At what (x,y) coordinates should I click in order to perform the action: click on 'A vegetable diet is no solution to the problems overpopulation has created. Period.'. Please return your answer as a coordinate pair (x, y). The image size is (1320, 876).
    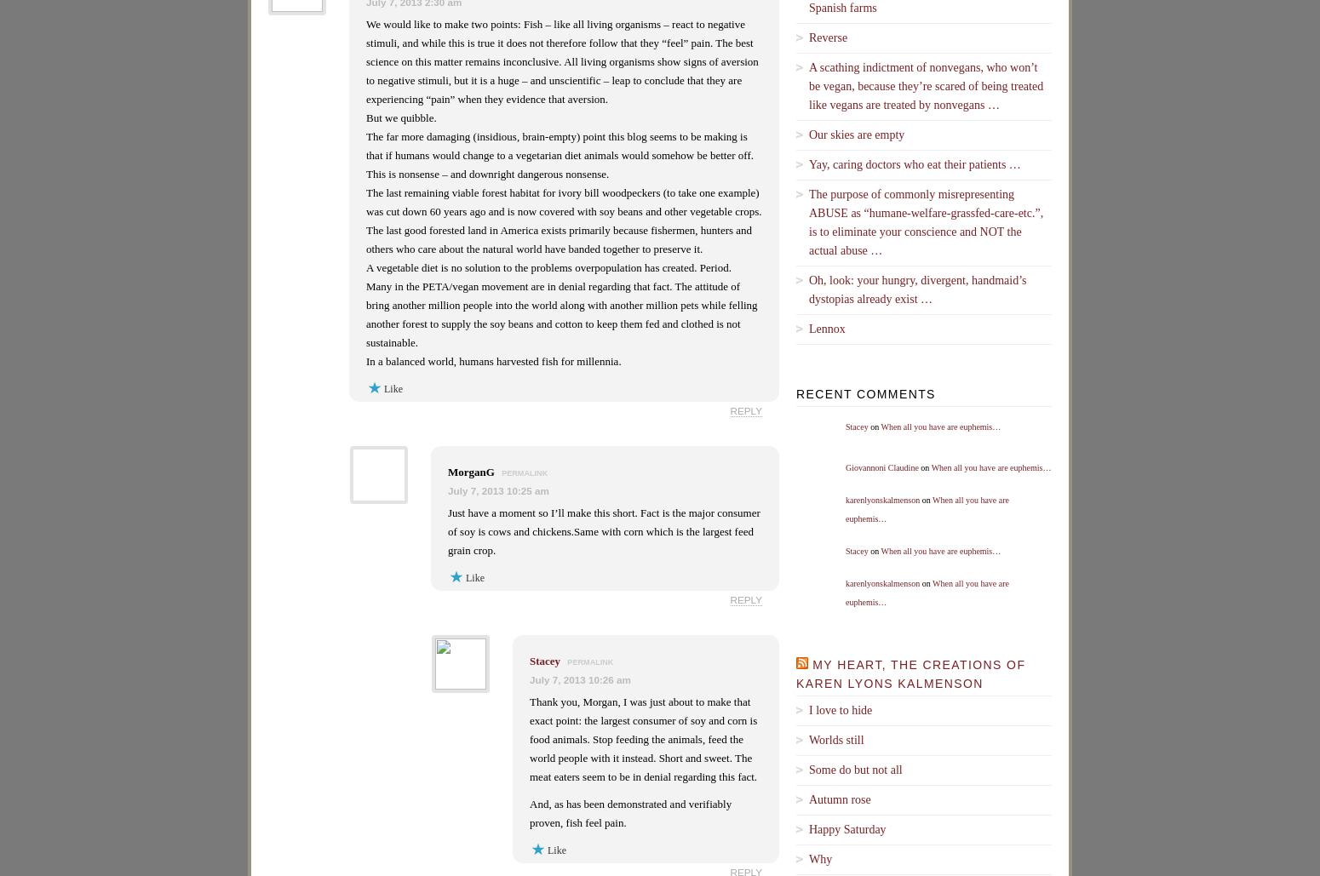
    Looking at the image, I should click on (365, 267).